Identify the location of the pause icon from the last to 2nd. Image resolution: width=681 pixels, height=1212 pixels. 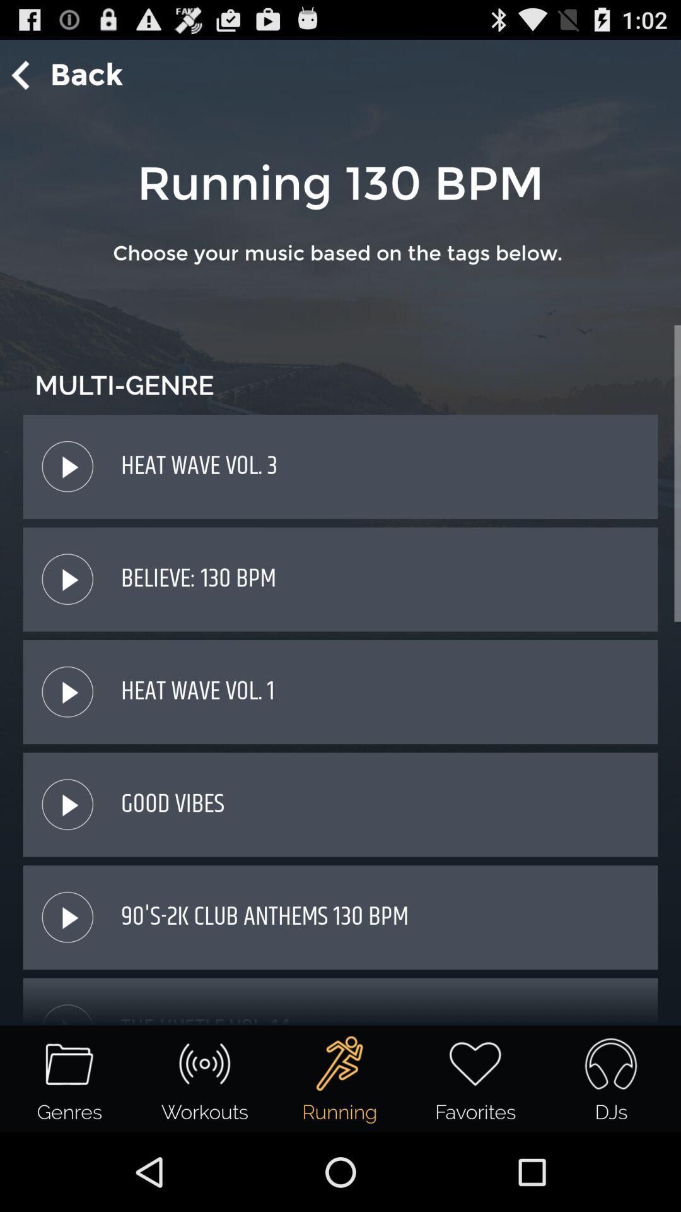
(67, 804).